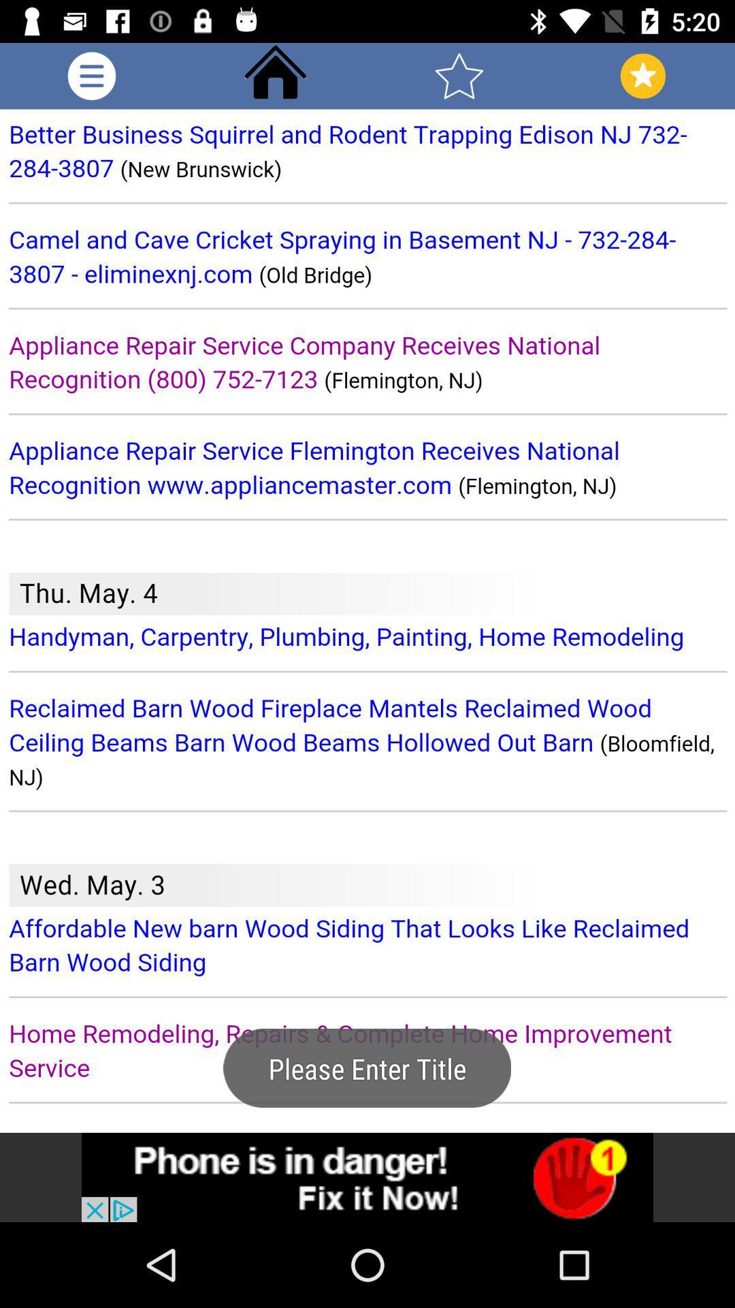 The width and height of the screenshot is (735, 1308). I want to click on click more option, so click(92, 75).